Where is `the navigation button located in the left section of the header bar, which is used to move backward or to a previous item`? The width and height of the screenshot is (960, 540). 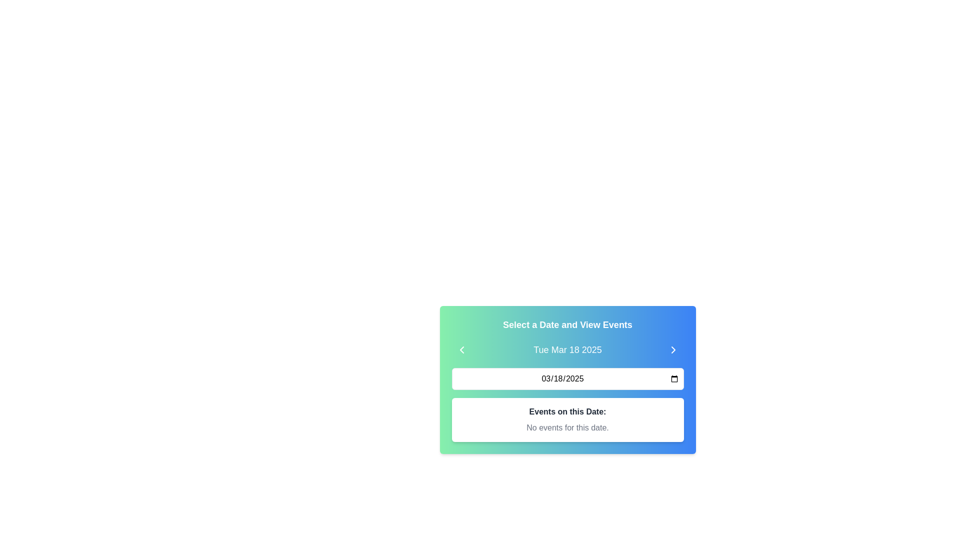
the navigation button located in the left section of the header bar, which is used to move backward or to a previous item is located at coordinates (461, 349).